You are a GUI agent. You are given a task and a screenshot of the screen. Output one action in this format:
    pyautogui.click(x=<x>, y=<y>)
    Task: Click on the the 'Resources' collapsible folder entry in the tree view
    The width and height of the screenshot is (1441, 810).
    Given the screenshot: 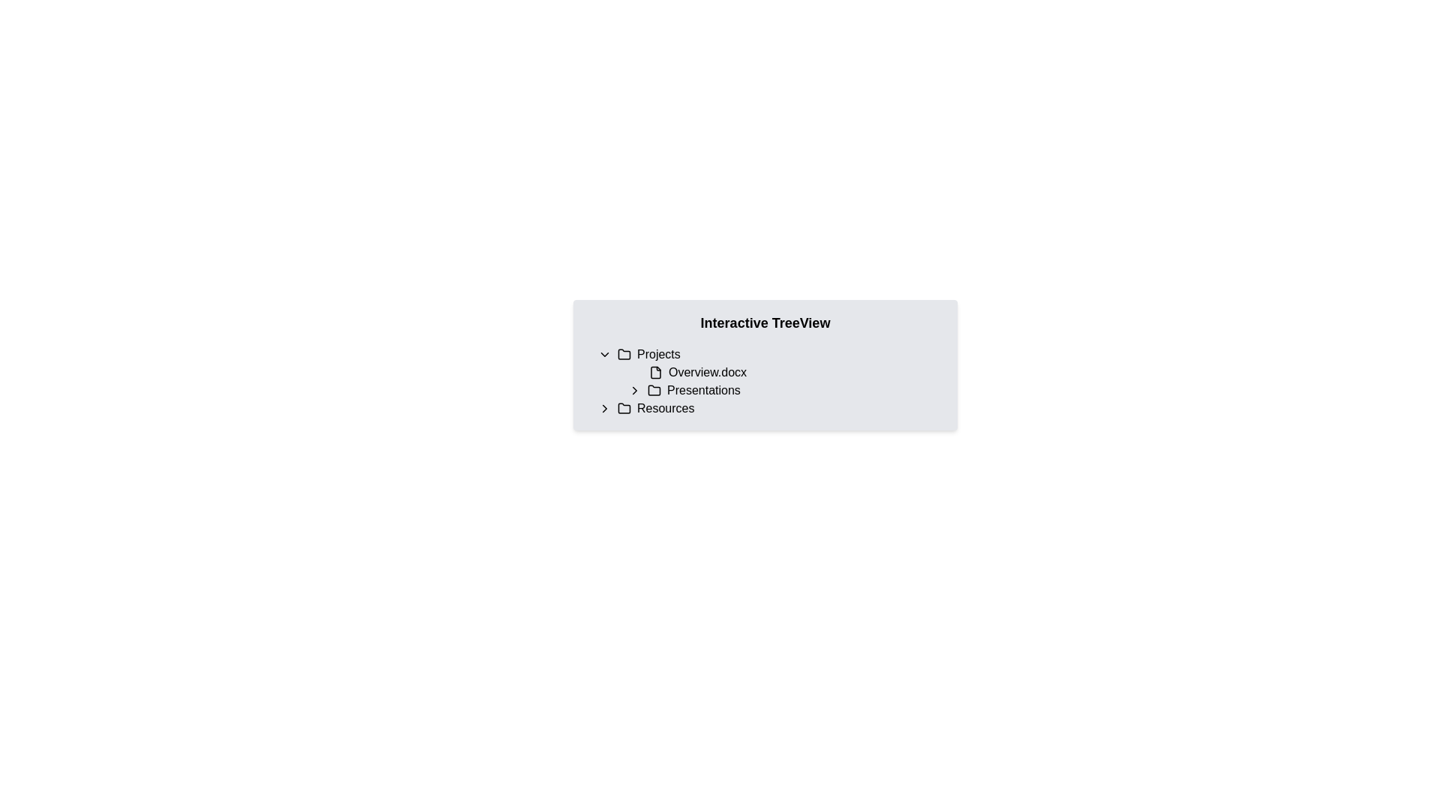 What is the action you would take?
    pyautogui.click(x=771, y=408)
    